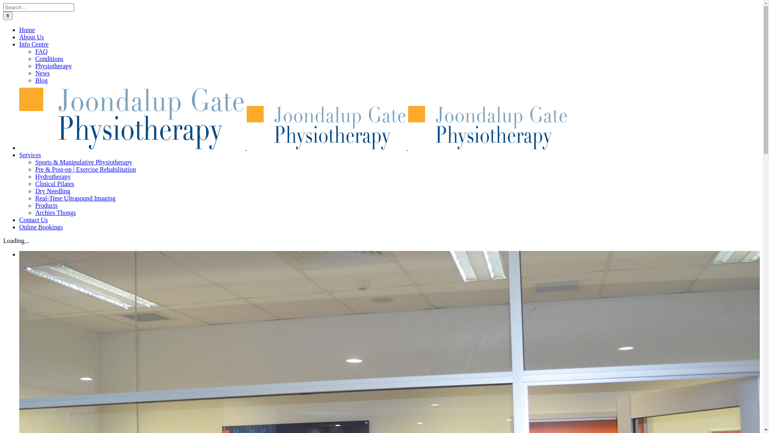 Image resolution: width=769 pixels, height=433 pixels. Describe the element at coordinates (46, 205) in the screenshot. I see `'Products'` at that location.